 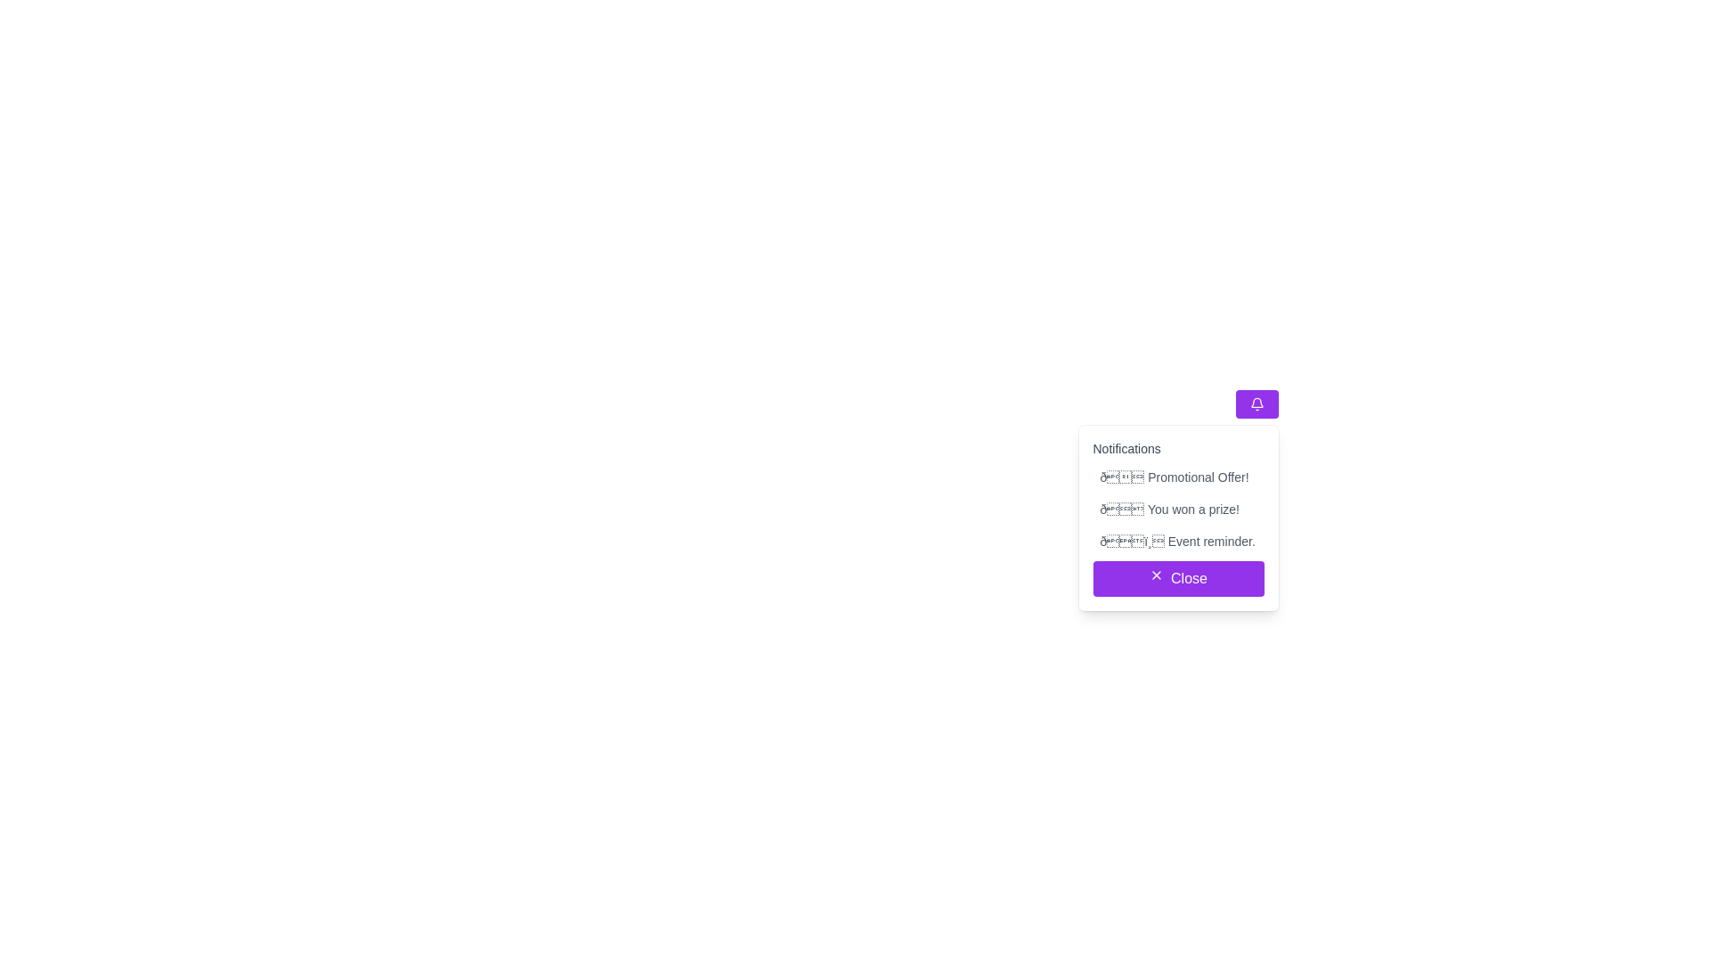 I want to click on the purple bell icon button located at the top-right corner of the notification card, so click(x=1256, y=404).